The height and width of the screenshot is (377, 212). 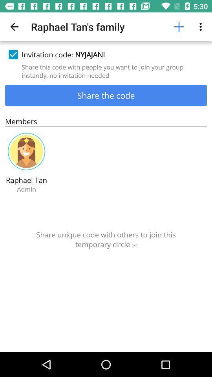 What do you see at coordinates (179, 27) in the screenshot?
I see `the button which is next to the raphael tans family` at bounding box center [179, 27].